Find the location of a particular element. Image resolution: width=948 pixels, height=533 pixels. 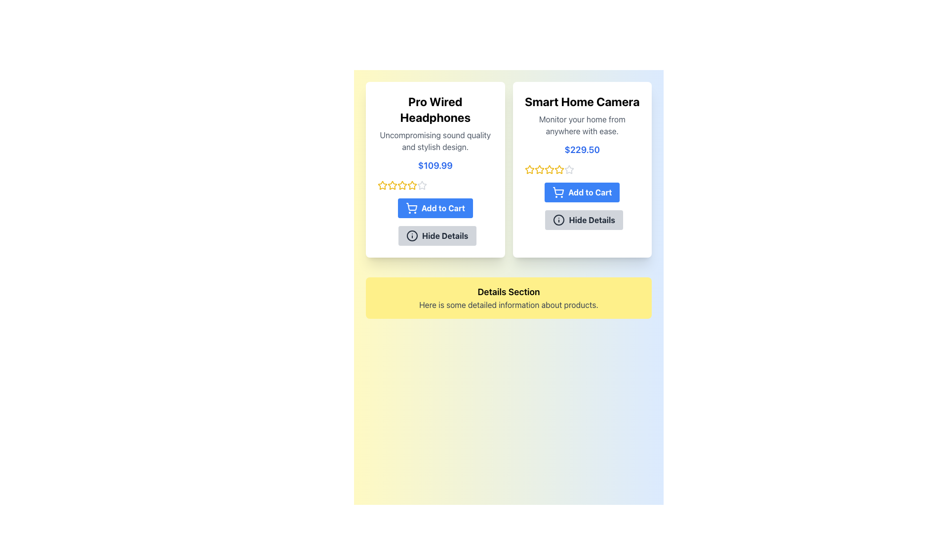

the first star-shaped rating icon with a yellow border in the 5-star rating system of the 'Smart Home Camera' product card is located at coordinates (529, 169).